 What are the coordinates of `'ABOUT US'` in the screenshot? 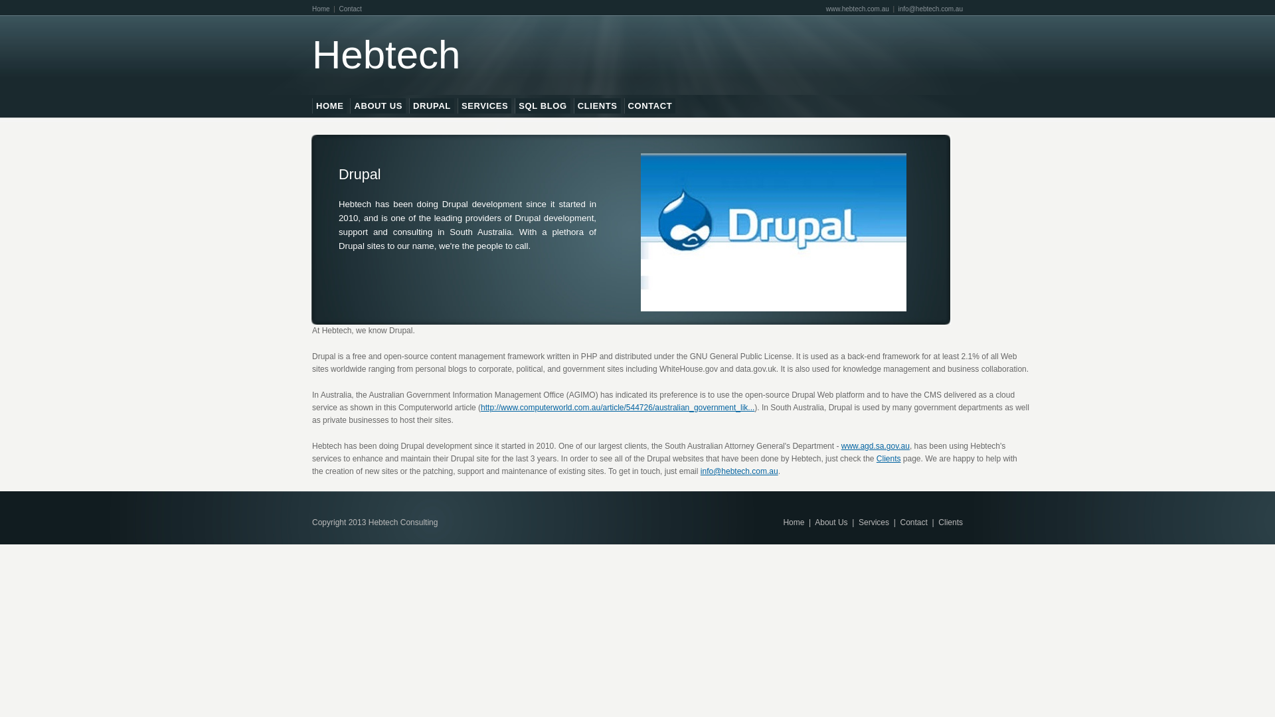 It's located at (351, 105).